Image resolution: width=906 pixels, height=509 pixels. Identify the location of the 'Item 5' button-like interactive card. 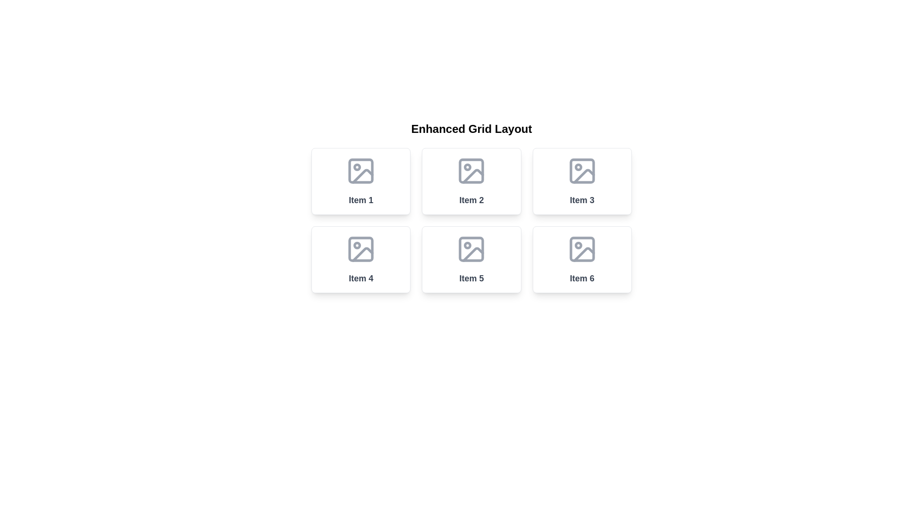
(471, 260).